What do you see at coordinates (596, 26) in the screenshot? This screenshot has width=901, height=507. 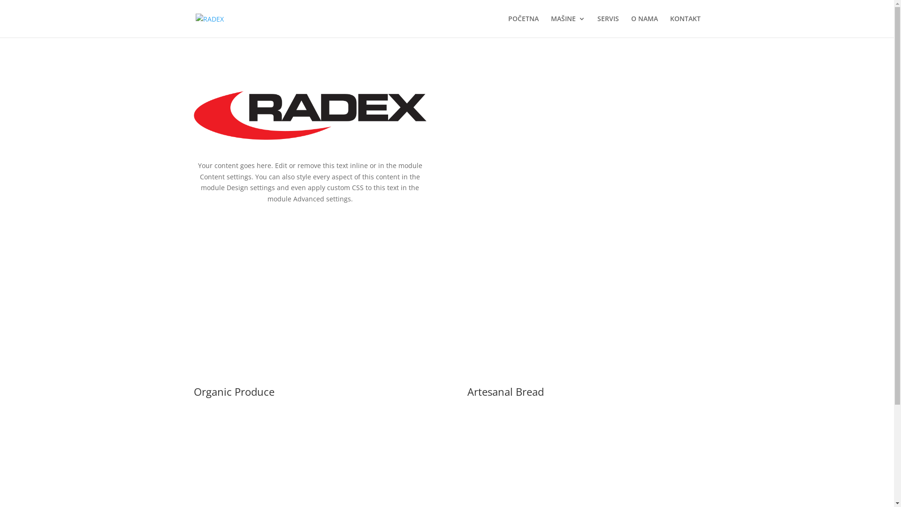 I see `'SERVIS'` at bounding box center [596, 26].